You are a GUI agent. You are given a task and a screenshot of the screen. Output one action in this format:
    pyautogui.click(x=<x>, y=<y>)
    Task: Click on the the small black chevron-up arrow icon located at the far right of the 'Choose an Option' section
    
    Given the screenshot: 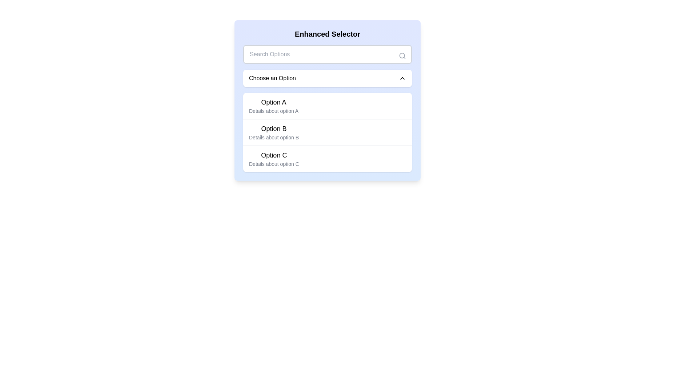 What is the action you would take?
    pyautogui.click(x=402, y=78)
    